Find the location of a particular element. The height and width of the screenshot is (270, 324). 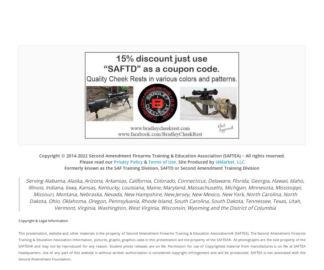

'headquarters. Use of any part of this website is without written authorization is considered copyright infringement and will be prosecuted.' is located at coordinates (134, 252).